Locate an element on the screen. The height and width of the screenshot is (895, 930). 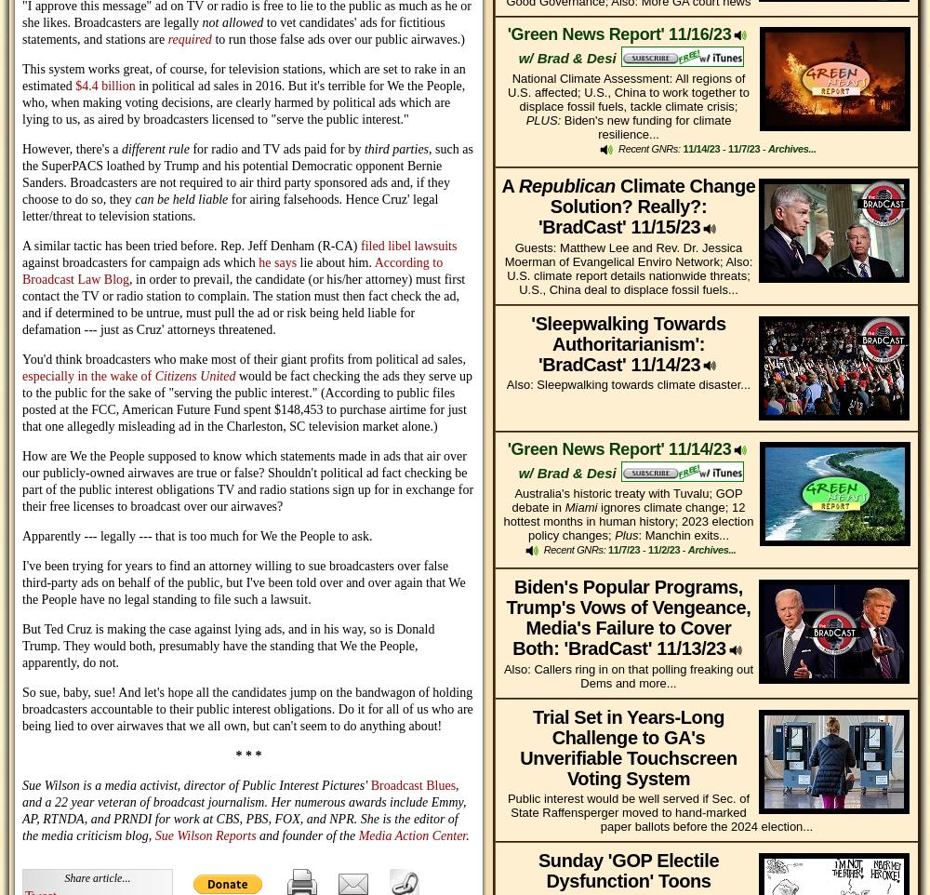
''Green News Report' 11/16/23' is located at coordinates (507, 32).